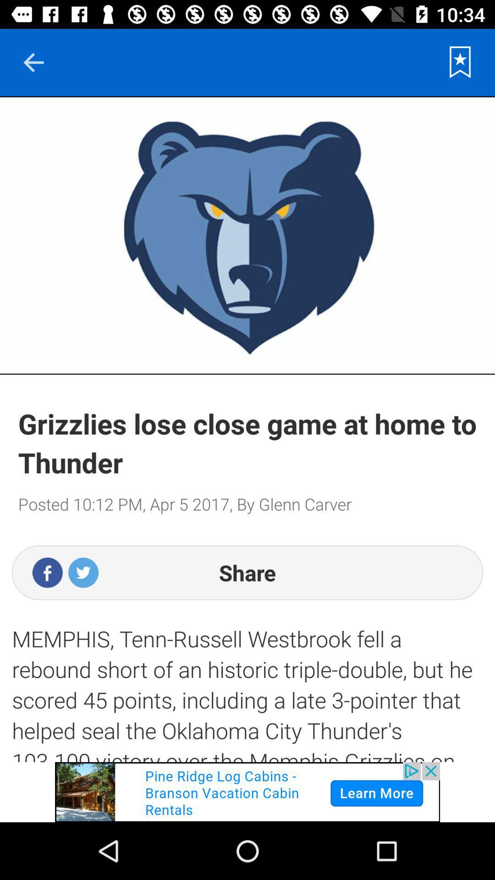 The width and height of the screenshot is (495, 880). What do you see at coordinates (33, 62) in the screenshot?
I see `the arrow_backward icon` at bounding box center [33, 62].